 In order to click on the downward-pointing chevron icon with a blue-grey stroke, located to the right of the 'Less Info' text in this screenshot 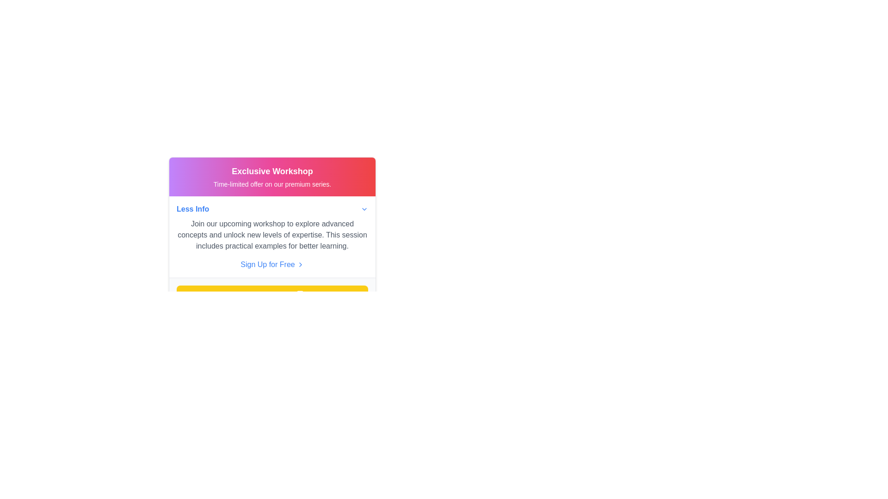, I will do `click(364, 209)`.